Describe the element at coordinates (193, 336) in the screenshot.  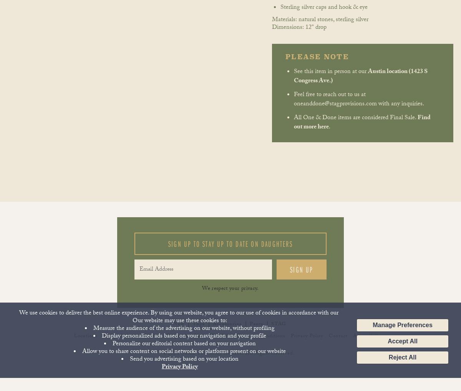
I see `'About Us'` at that location.